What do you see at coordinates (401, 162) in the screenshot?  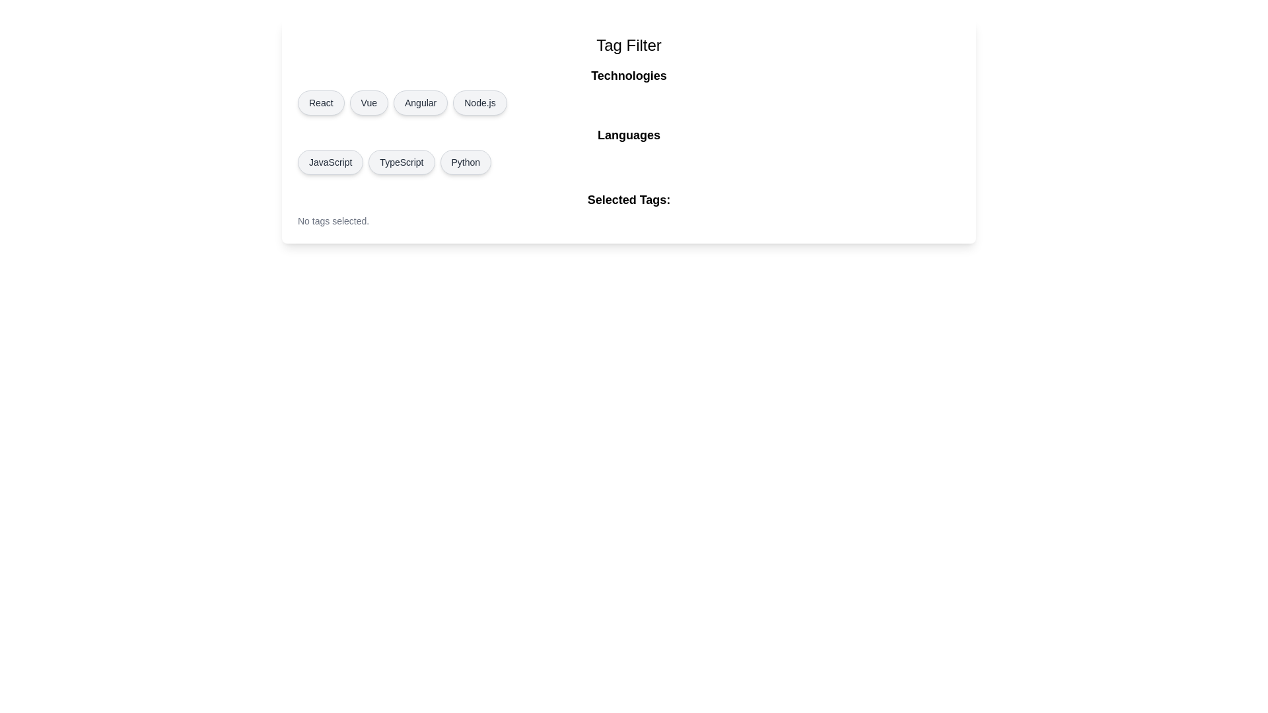 I see `the 'TypeScript' button, which is a rounded rectangular button with a light gray background and dark gray text, located under the 'Languages' header` at bounding box center [401, 162].